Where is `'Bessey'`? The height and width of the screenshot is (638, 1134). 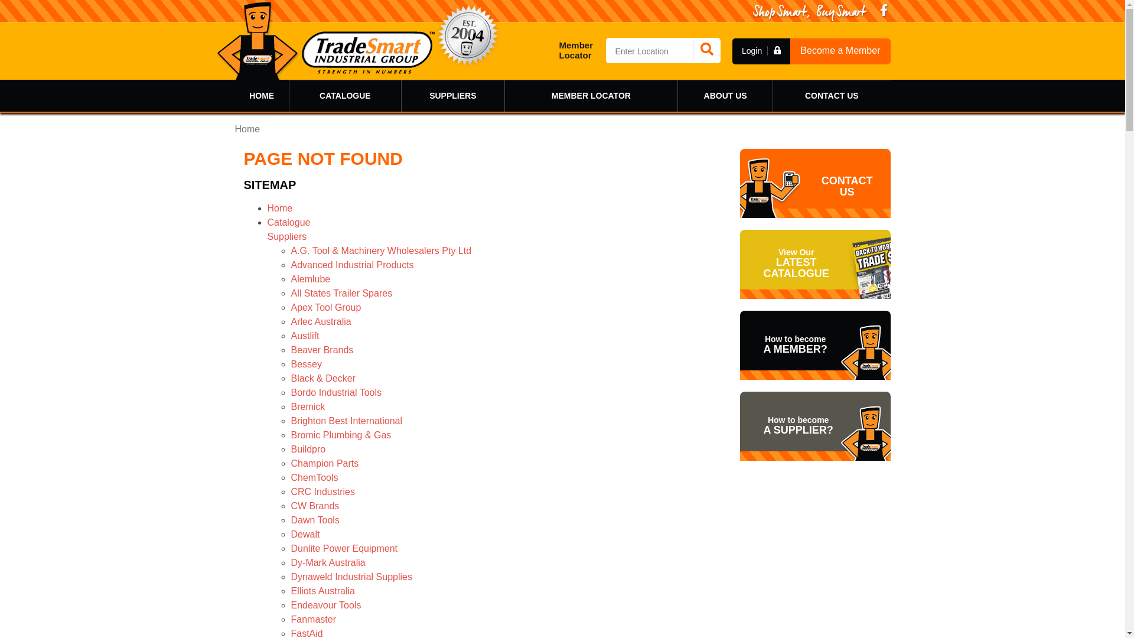
'Bessey' is located at coordinates (306, 363).